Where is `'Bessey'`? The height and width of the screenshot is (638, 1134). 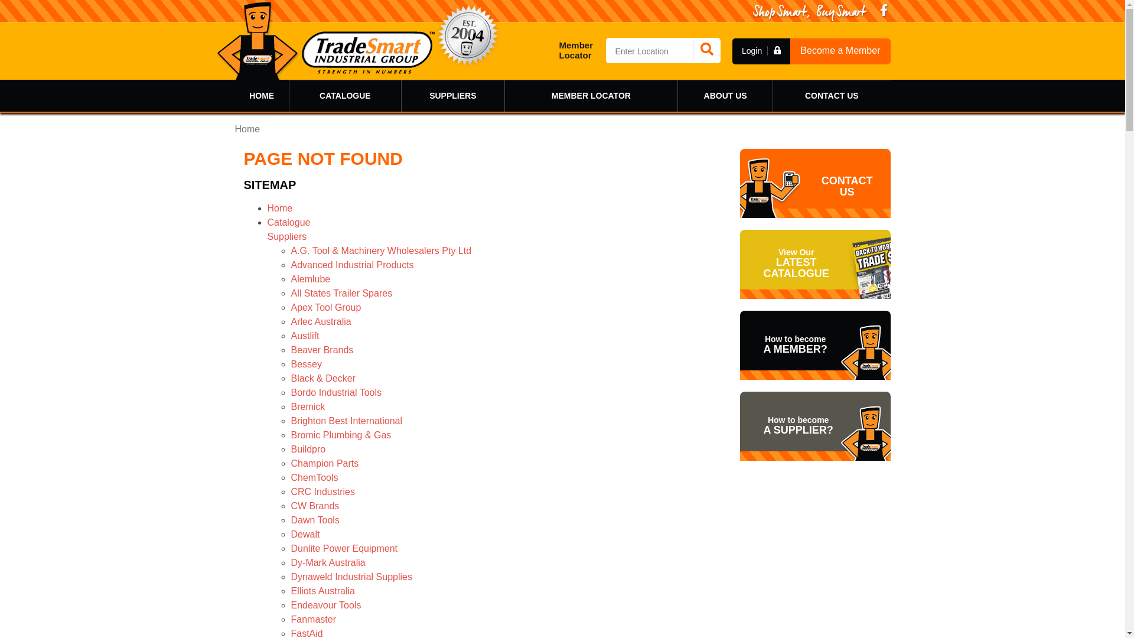
'Bessey' is located at coordinates (306, 363).